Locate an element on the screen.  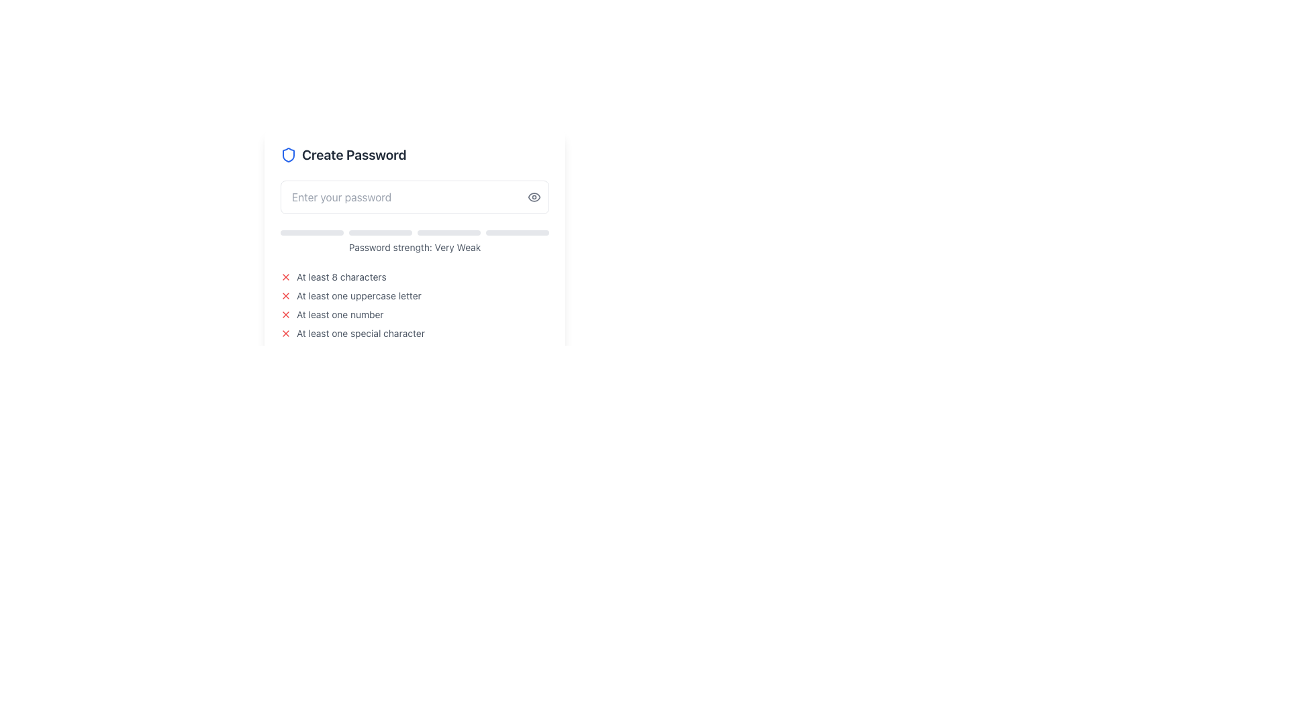
text indicating that the password requirement of including one uppercase letter has not been met, which is represented by a red 'X'. This element is the second item in the validation criteria list within the 'Create Password' form section is located at coordinates (414, 295).